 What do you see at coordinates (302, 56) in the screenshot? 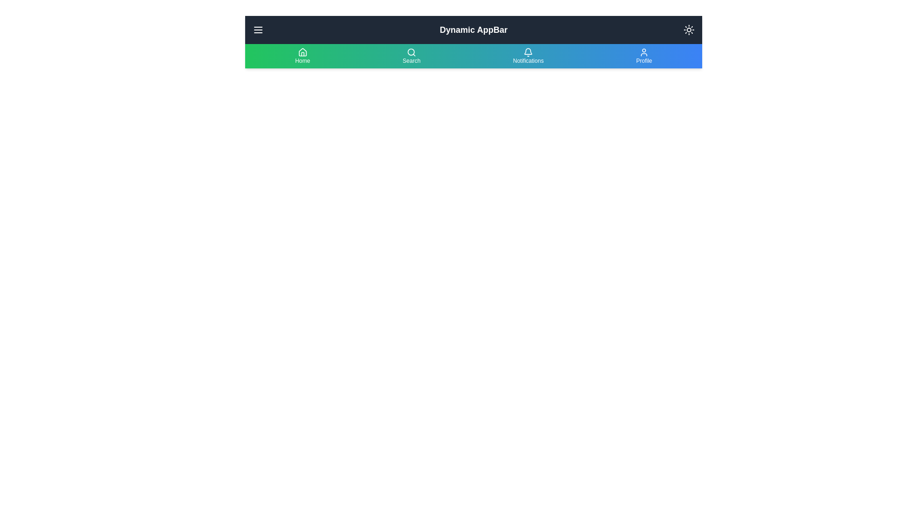
I see `the navigation item labeled Home in the DynamicAppBar` at bounding box center [302, 56].